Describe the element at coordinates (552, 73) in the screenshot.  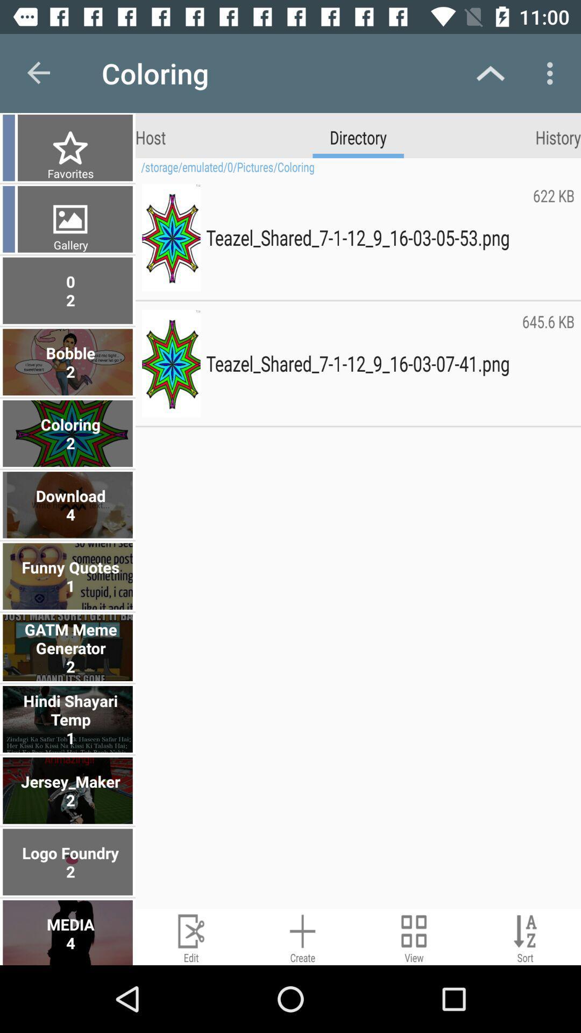
I see `the app above history item` at that location.